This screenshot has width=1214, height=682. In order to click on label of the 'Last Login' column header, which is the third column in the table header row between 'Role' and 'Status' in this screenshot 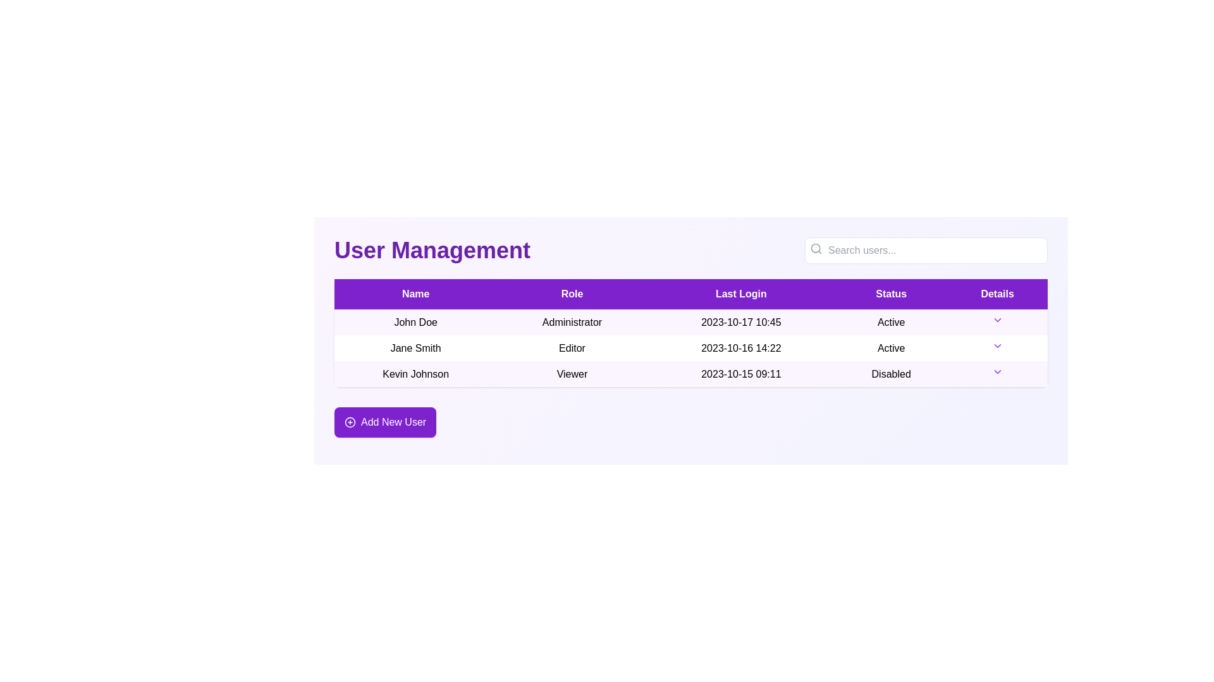, I will do `click(741, 294)`.